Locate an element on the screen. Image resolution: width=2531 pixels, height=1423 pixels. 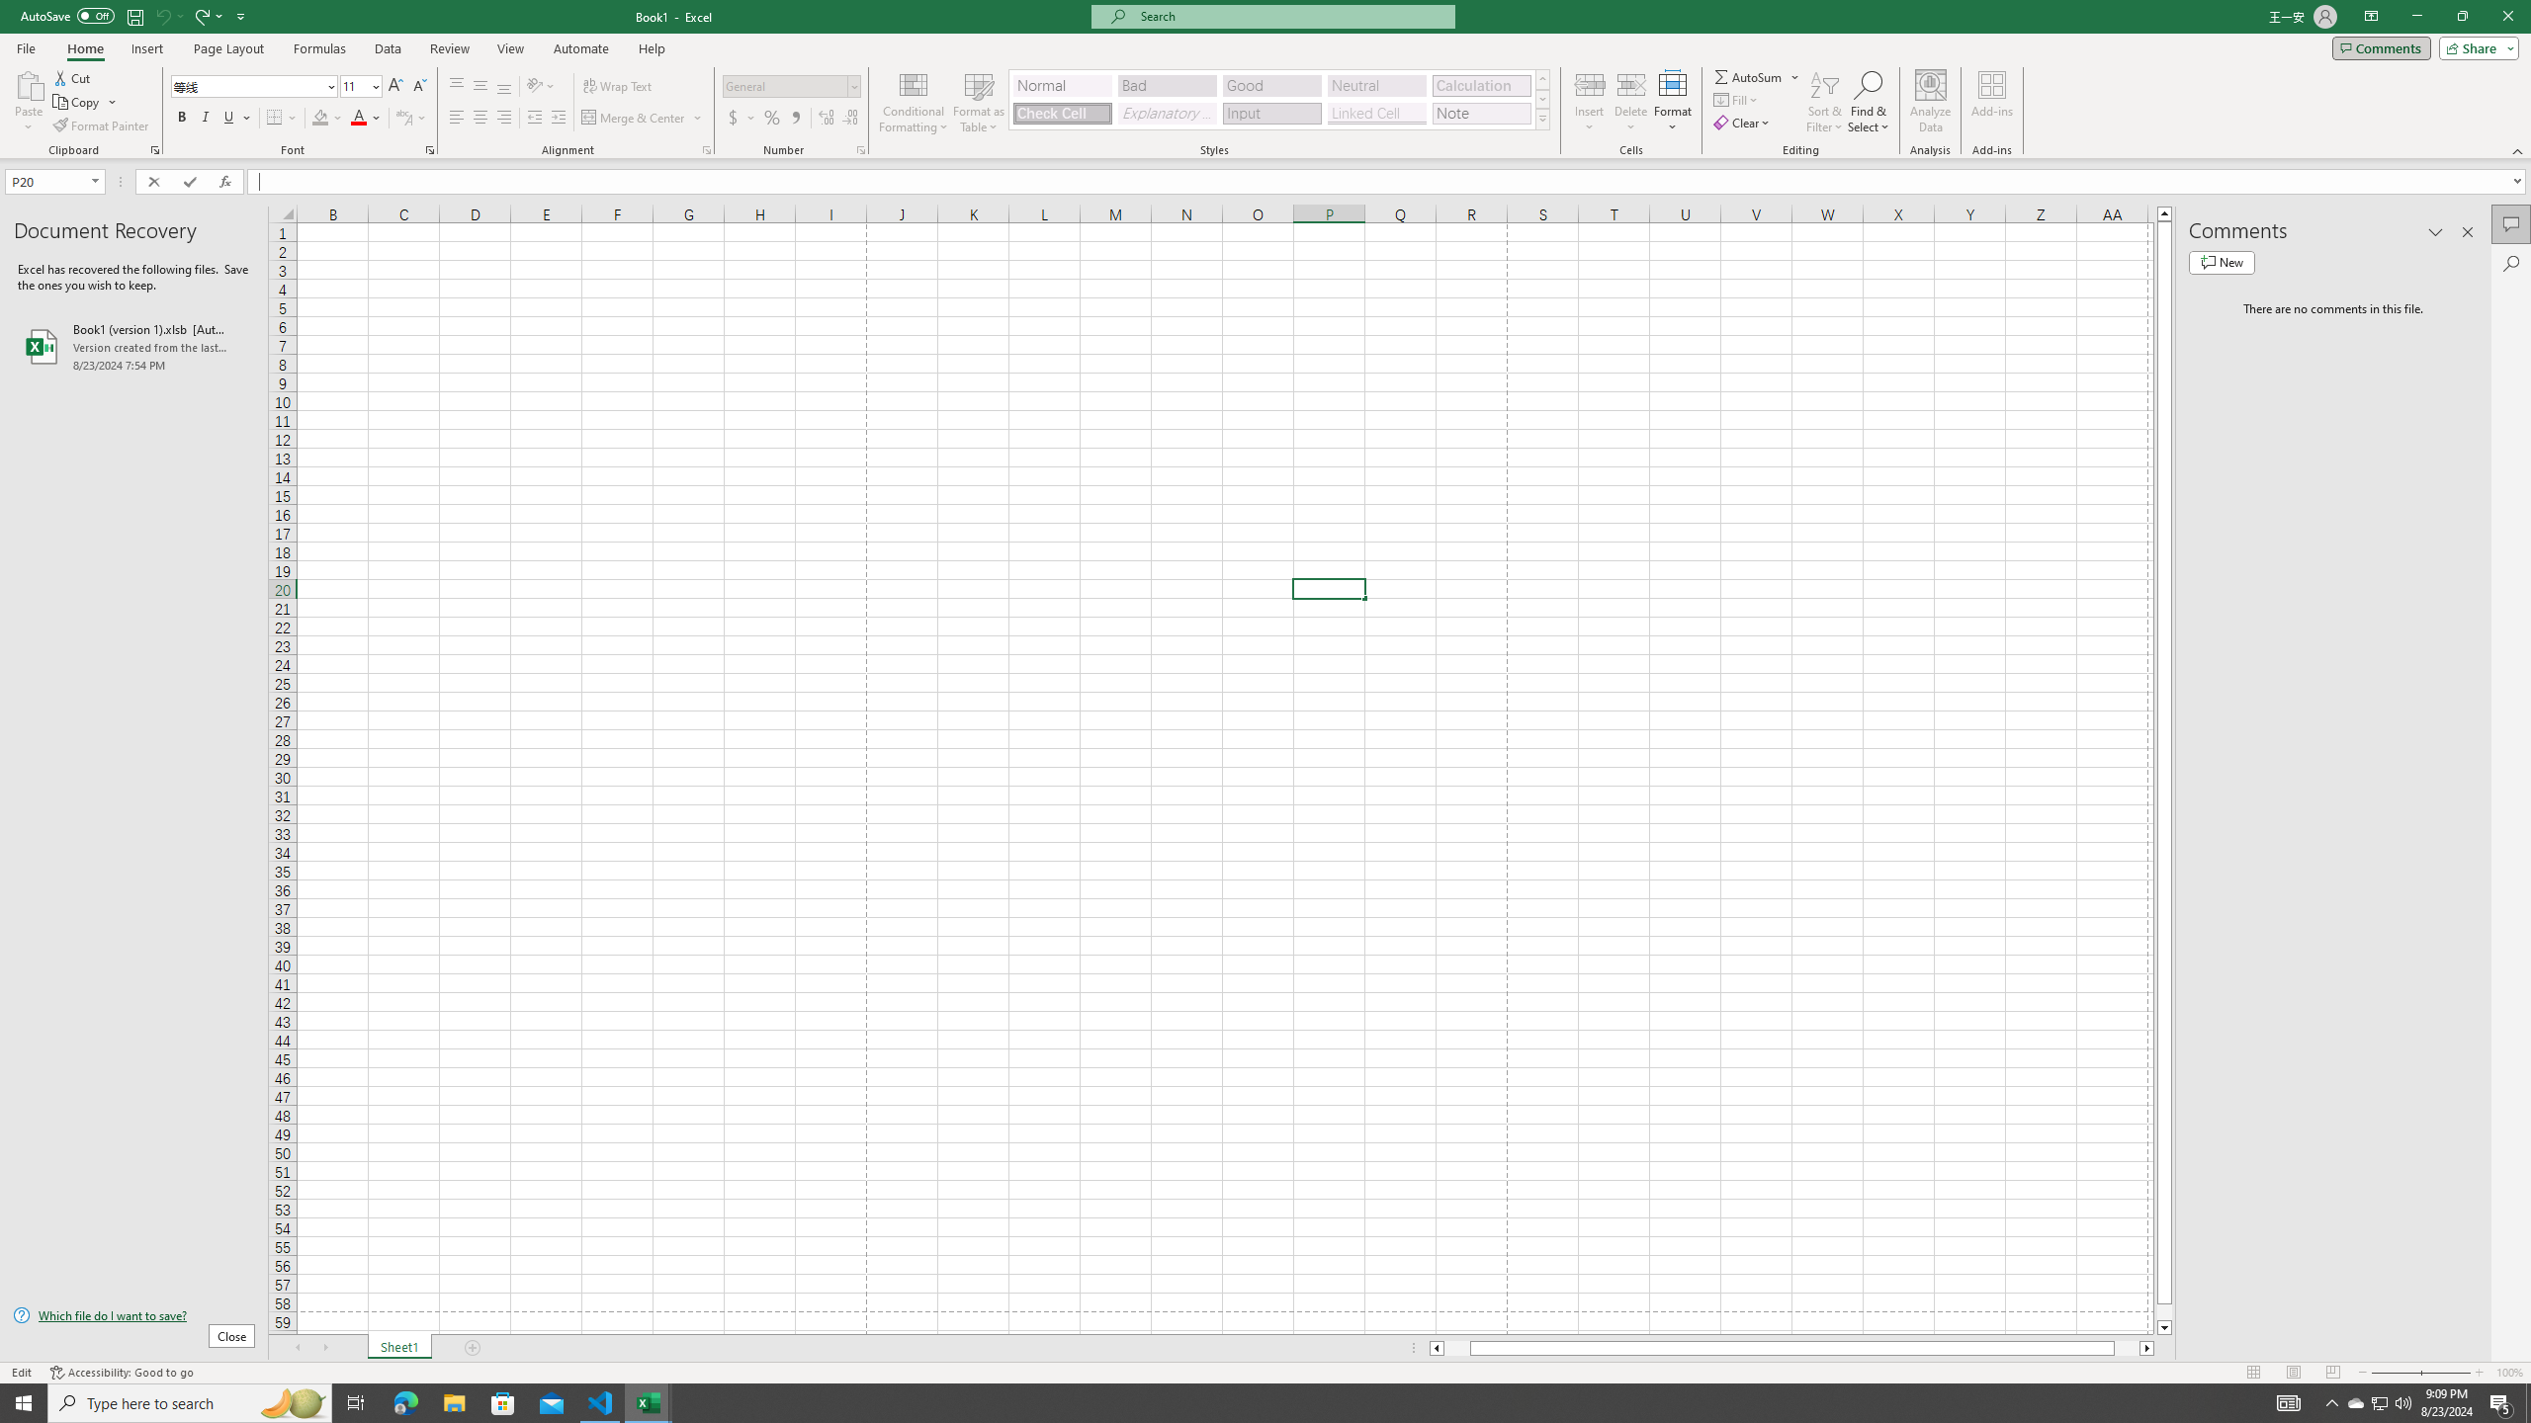
'Page right' is located at coordinates (2127, 1347).